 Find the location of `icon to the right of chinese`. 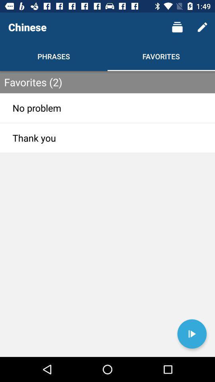

icon to the right of chinese is located at coordinates (177, 27).